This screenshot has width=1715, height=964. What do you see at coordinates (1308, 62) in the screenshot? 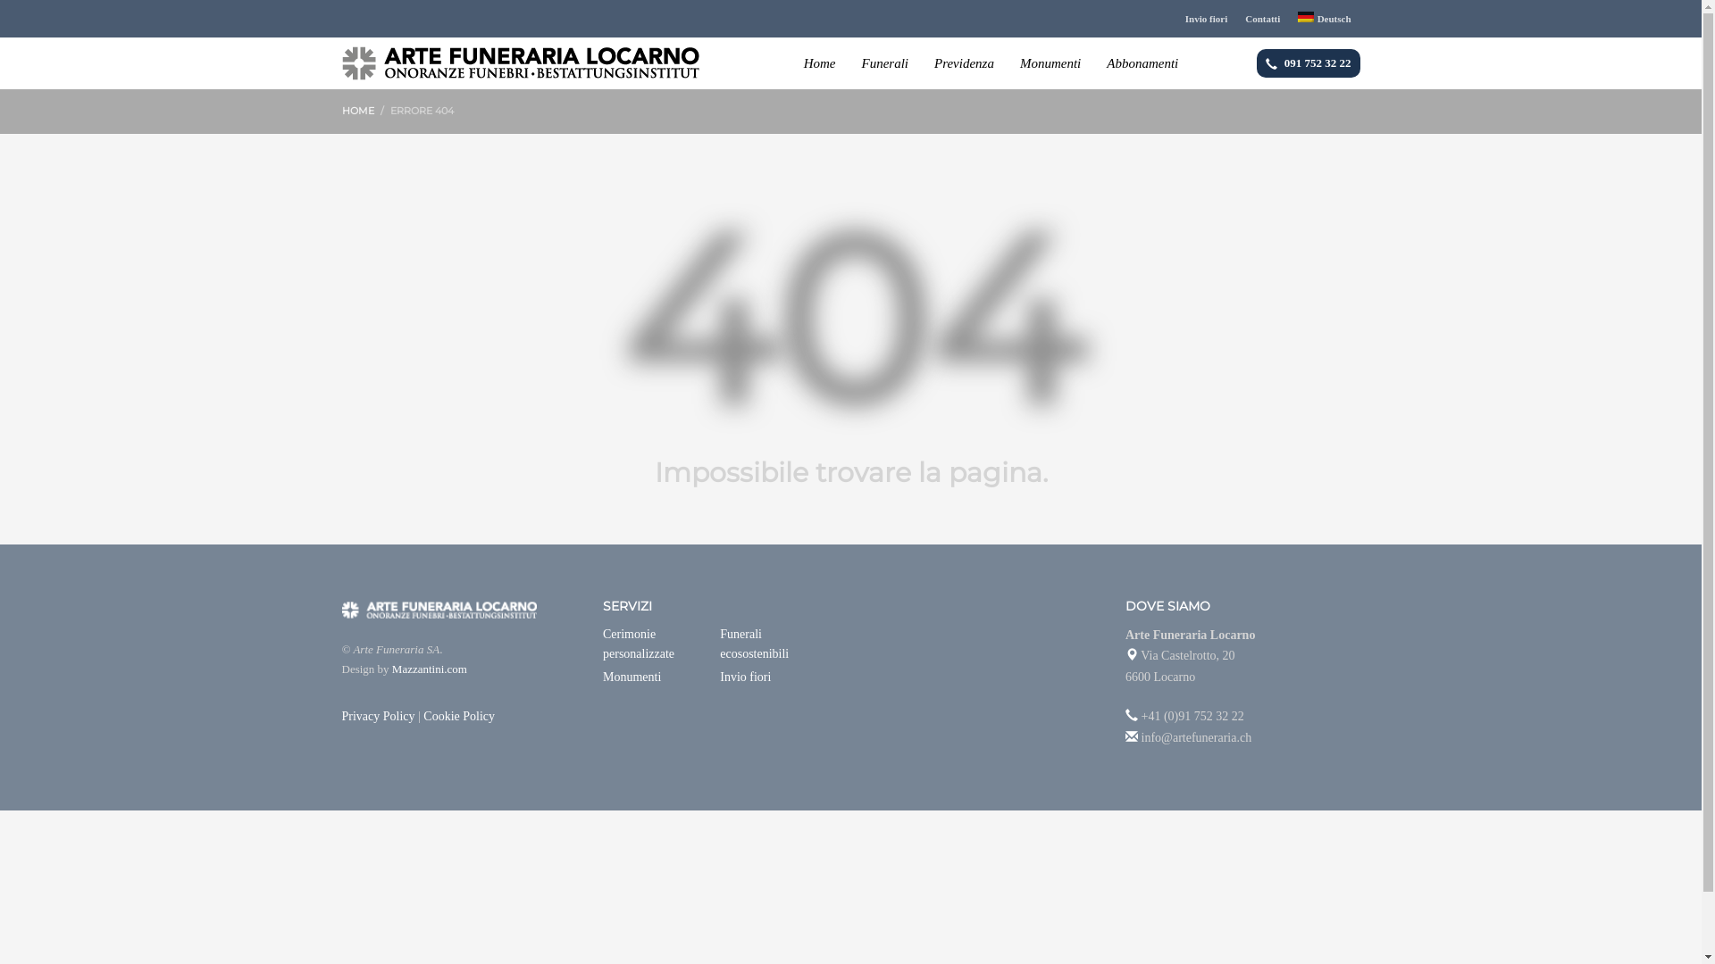
I see `'091 752 32 22'` at bounding box center [1308, 62].